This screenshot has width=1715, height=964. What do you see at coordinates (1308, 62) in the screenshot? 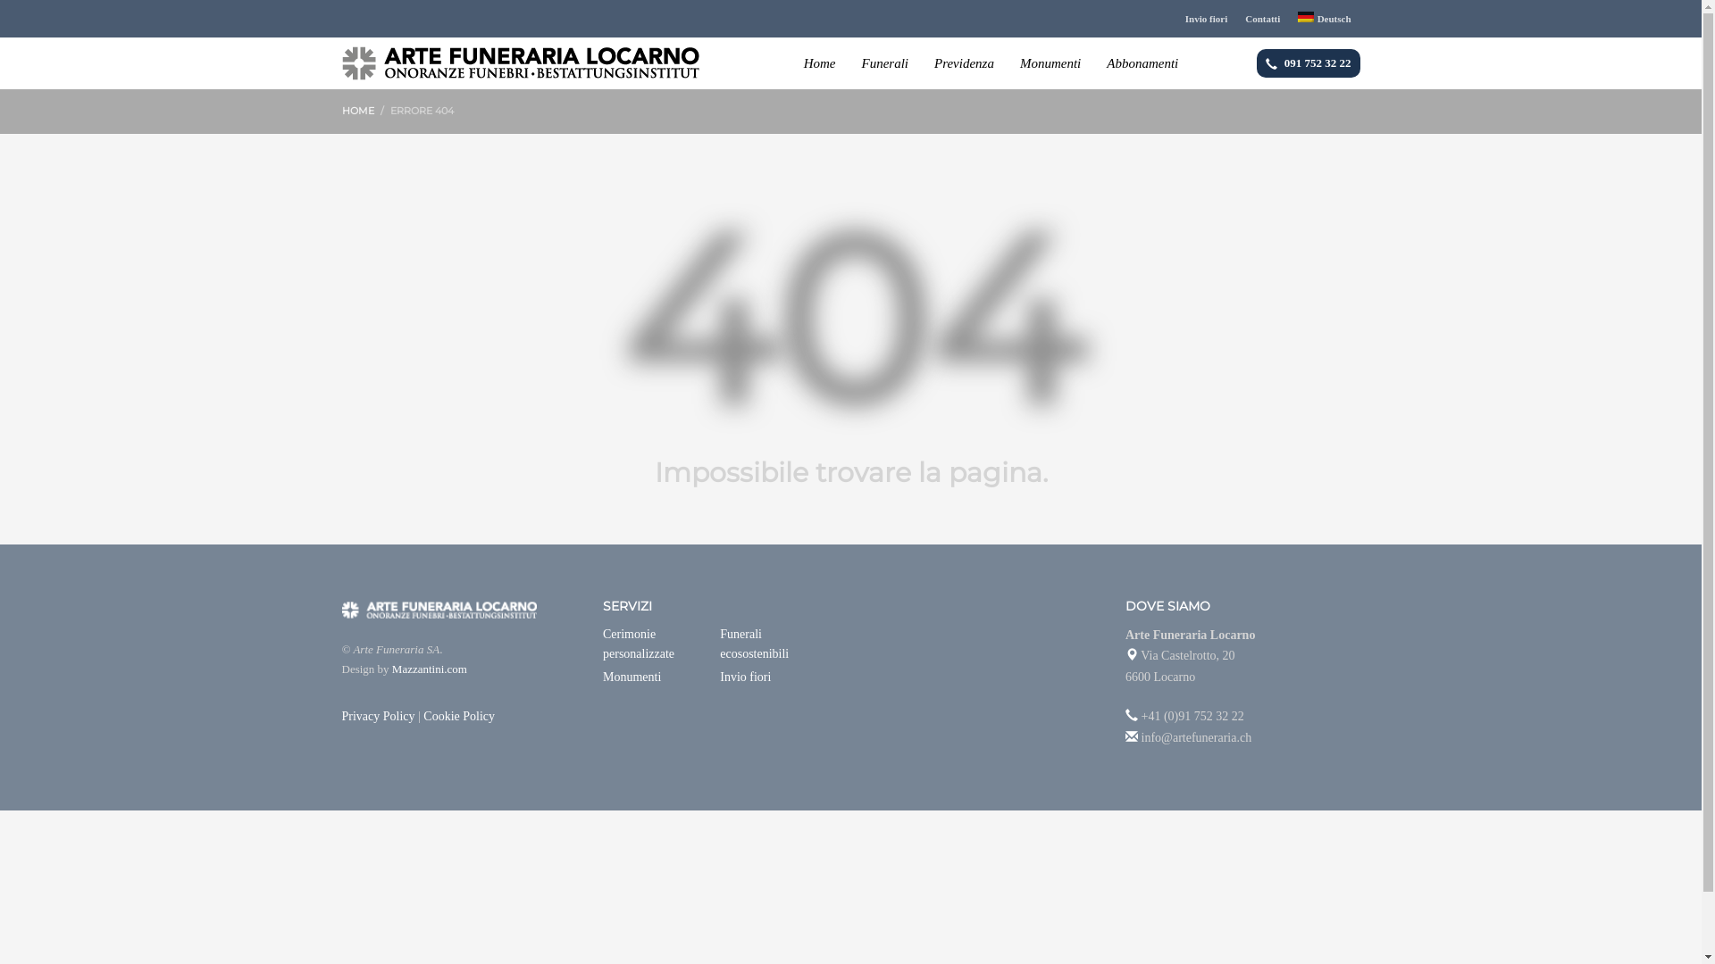
I see `'091 752 32 22'` at bounding box center [1308, 62].